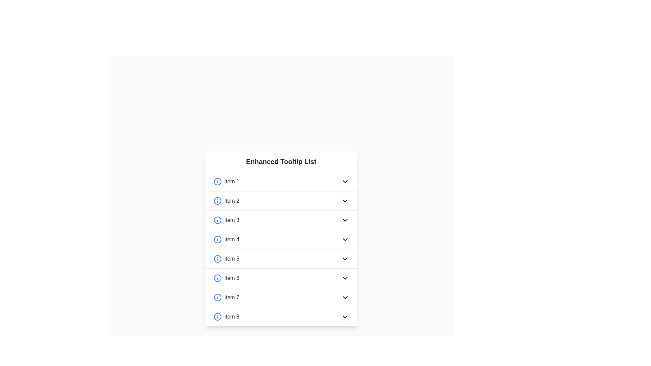 Image resolution: width=651 pixels, height=366 pixels. What do you see at coordinates (232, 201) in the screenshot?
I see `the static text label displaying 'Item 2' in a bolded, gray font, located in the second row of the 'Enhanced Tooltip List', which is flanked by a blue info icon on the left and an expand arrow on the right` at bounding box center [232, 201].